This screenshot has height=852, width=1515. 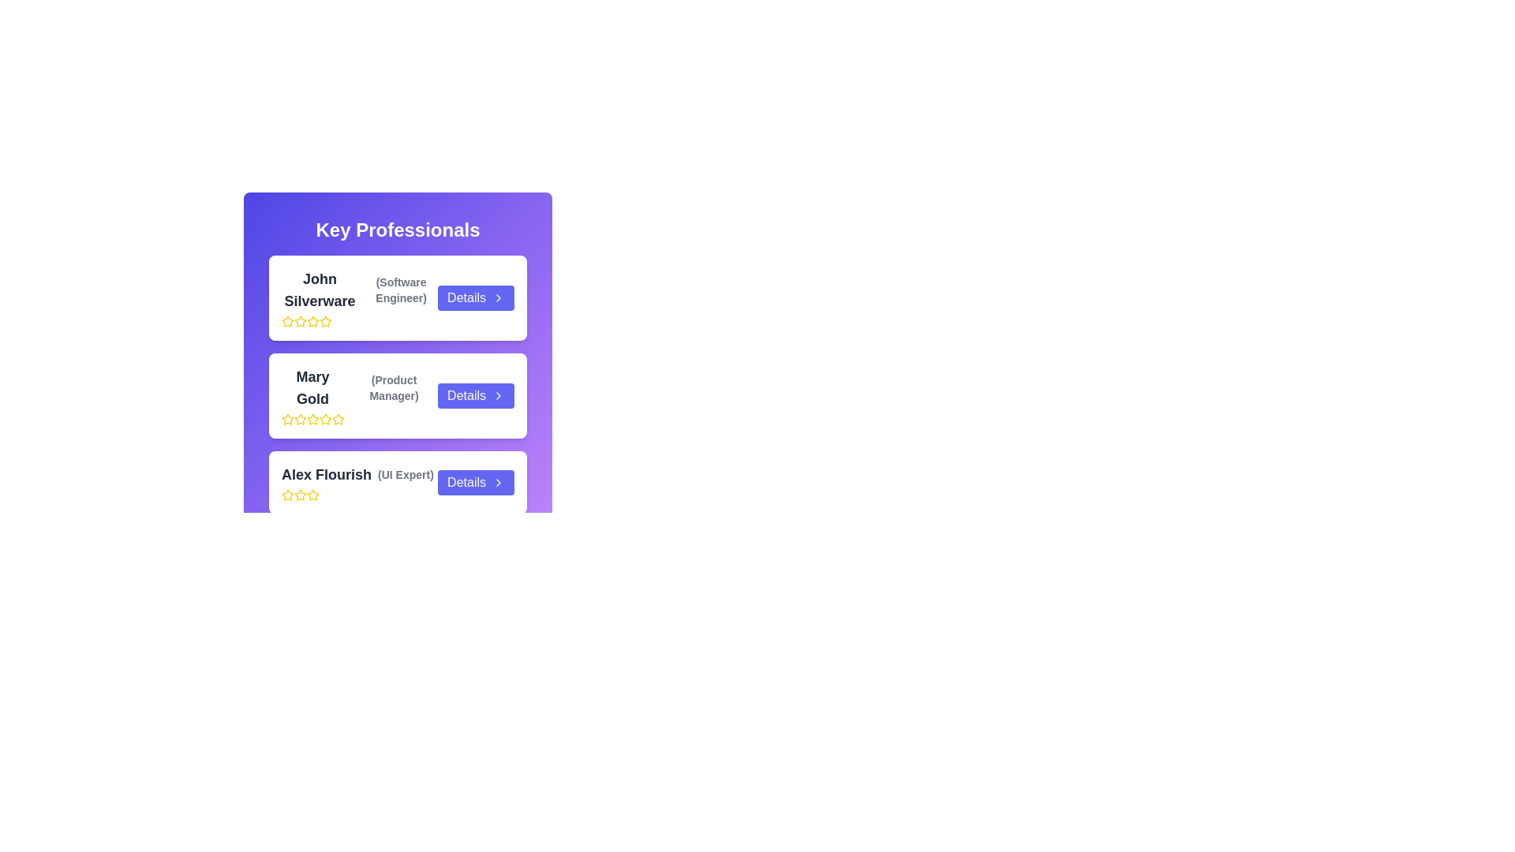 What do you see at coordinates (475, 298) in the screenshot?
I see `'Details' button for the contact named John Silverware` at bounding box center [475, 298].